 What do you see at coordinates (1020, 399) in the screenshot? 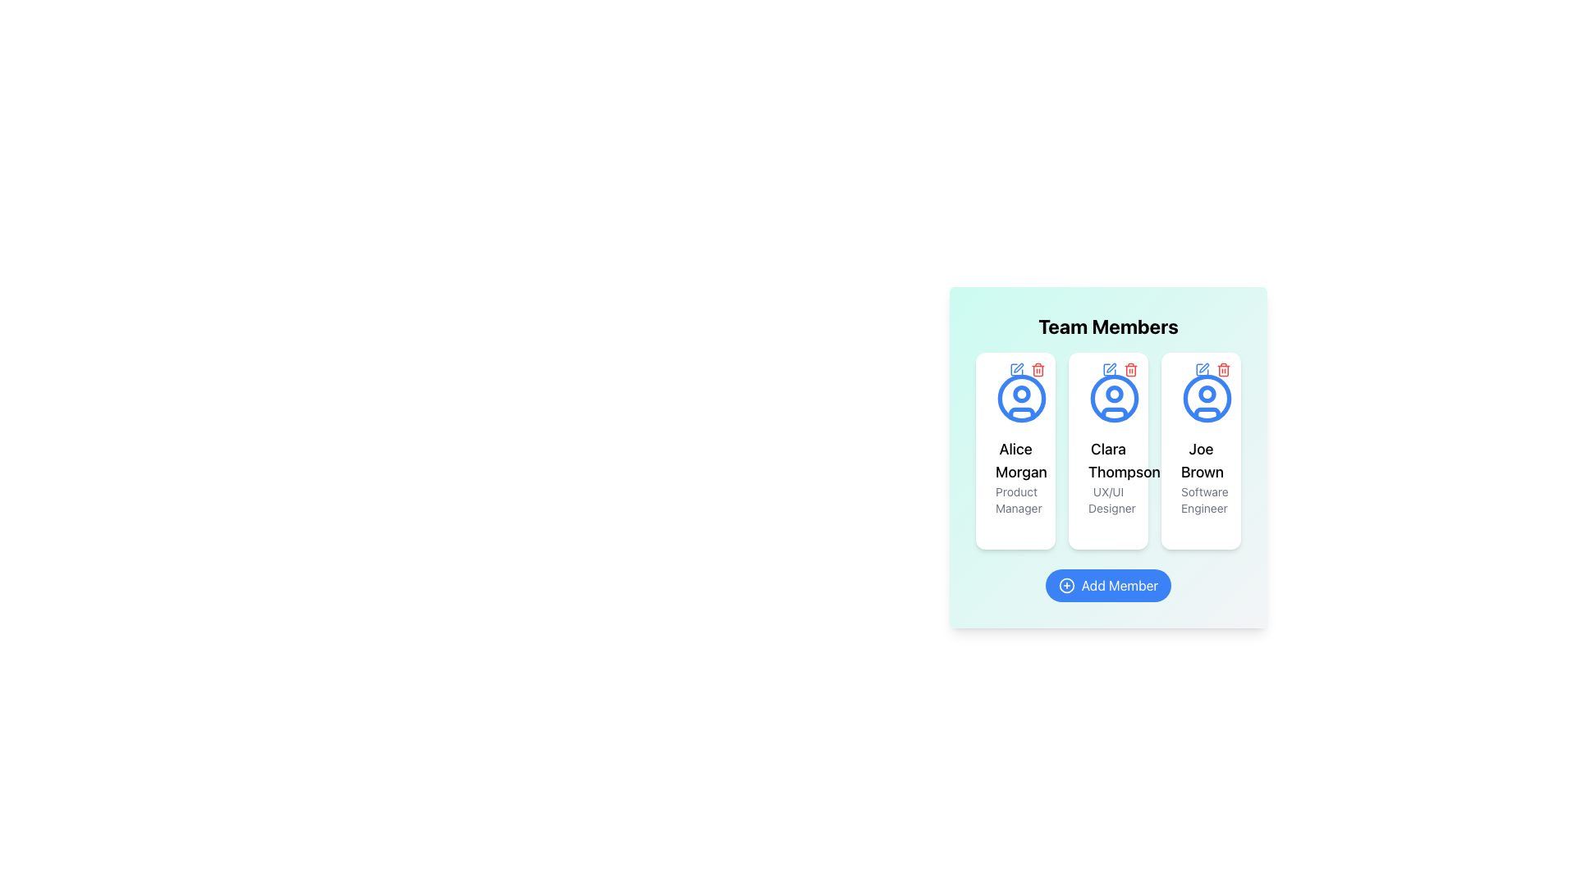
I see `the SVG circle in the profile icon of the first member card ('Alice Morgan - Product Manager') in the 'Team Members' section` at bounding box center [1020, 399].